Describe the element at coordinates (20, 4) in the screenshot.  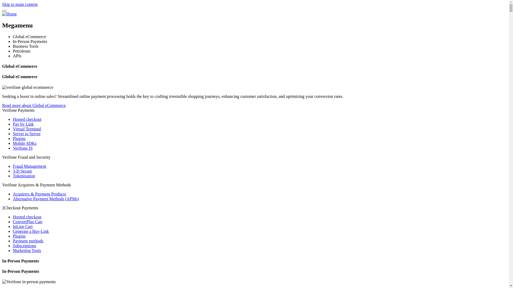
I see `'Skip to main content'` at that location.